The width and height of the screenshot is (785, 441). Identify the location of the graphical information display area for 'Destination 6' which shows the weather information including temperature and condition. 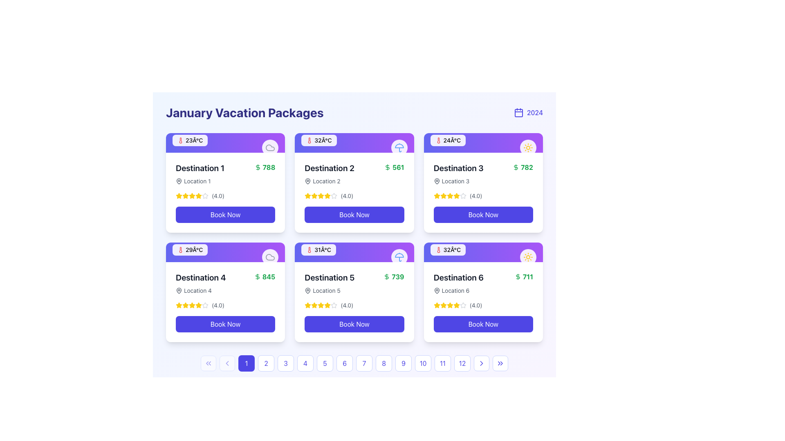
(483, 252).